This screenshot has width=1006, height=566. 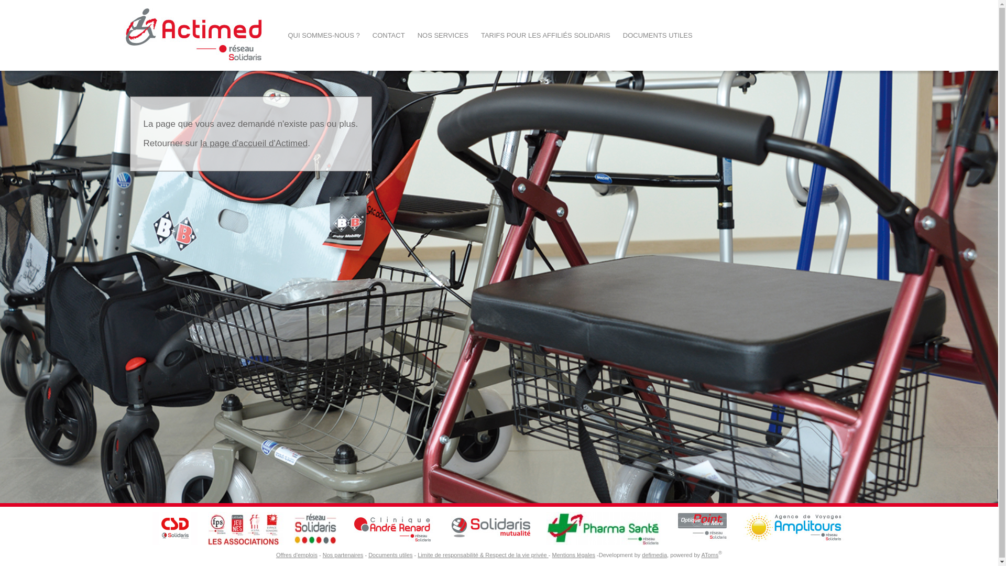 What do you see at coordinates (388, 35) in the screenshot?
I see `'CONTACT'` at bounding box center [388, 35].